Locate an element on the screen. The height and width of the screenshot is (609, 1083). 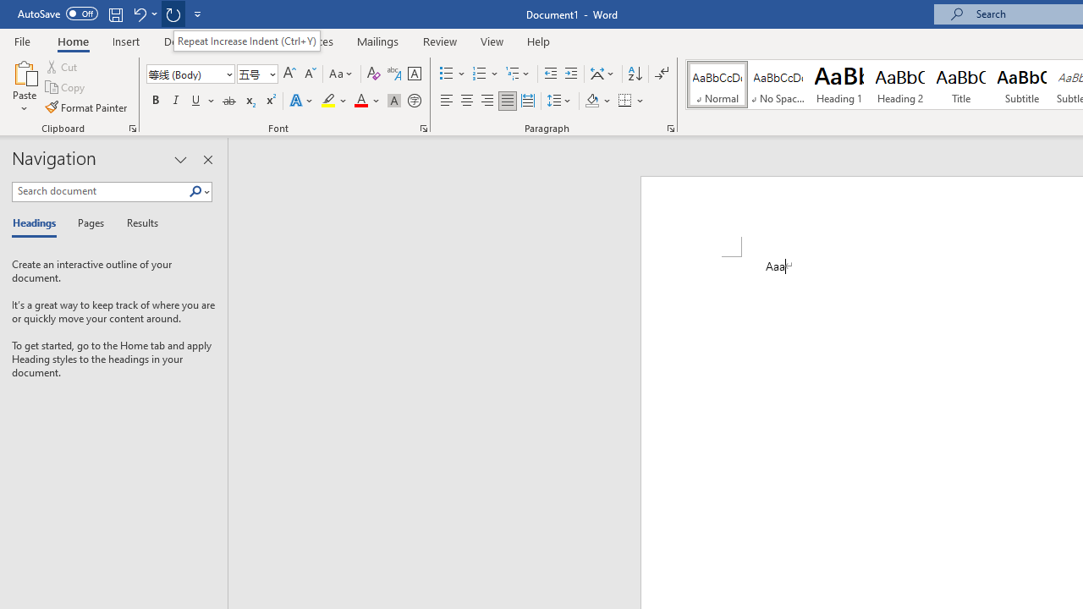
'Heading 1' is located at coordinates (839, 85).